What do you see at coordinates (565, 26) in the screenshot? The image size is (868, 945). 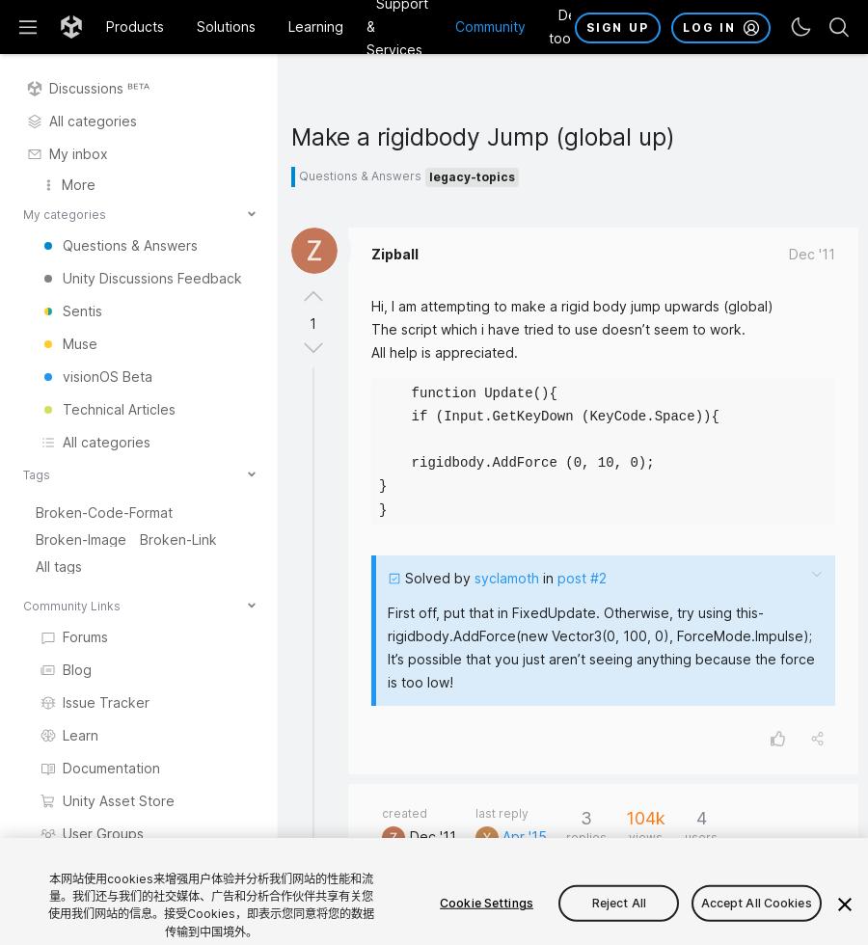 I see `'Dev tools'` at bounding box center [565, 26].